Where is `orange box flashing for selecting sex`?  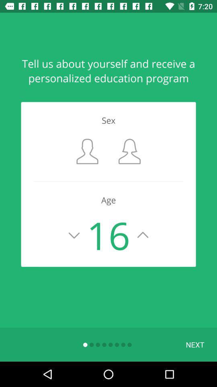 orange box flashing for selecting sex is located at coordinates (129, 151).